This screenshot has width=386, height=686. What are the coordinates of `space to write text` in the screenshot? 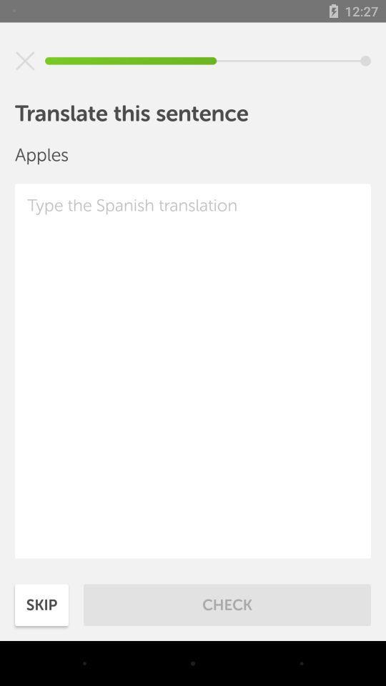 It's located at (193, 370).